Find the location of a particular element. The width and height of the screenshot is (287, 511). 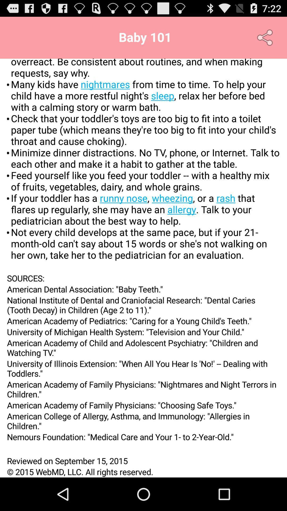

nemours foundation medical is located at coordinates (143, 437).